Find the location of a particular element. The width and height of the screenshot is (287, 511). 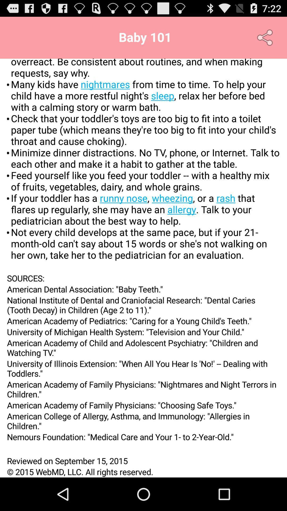

nemours foundation medical is located at coordinates (143, 437).